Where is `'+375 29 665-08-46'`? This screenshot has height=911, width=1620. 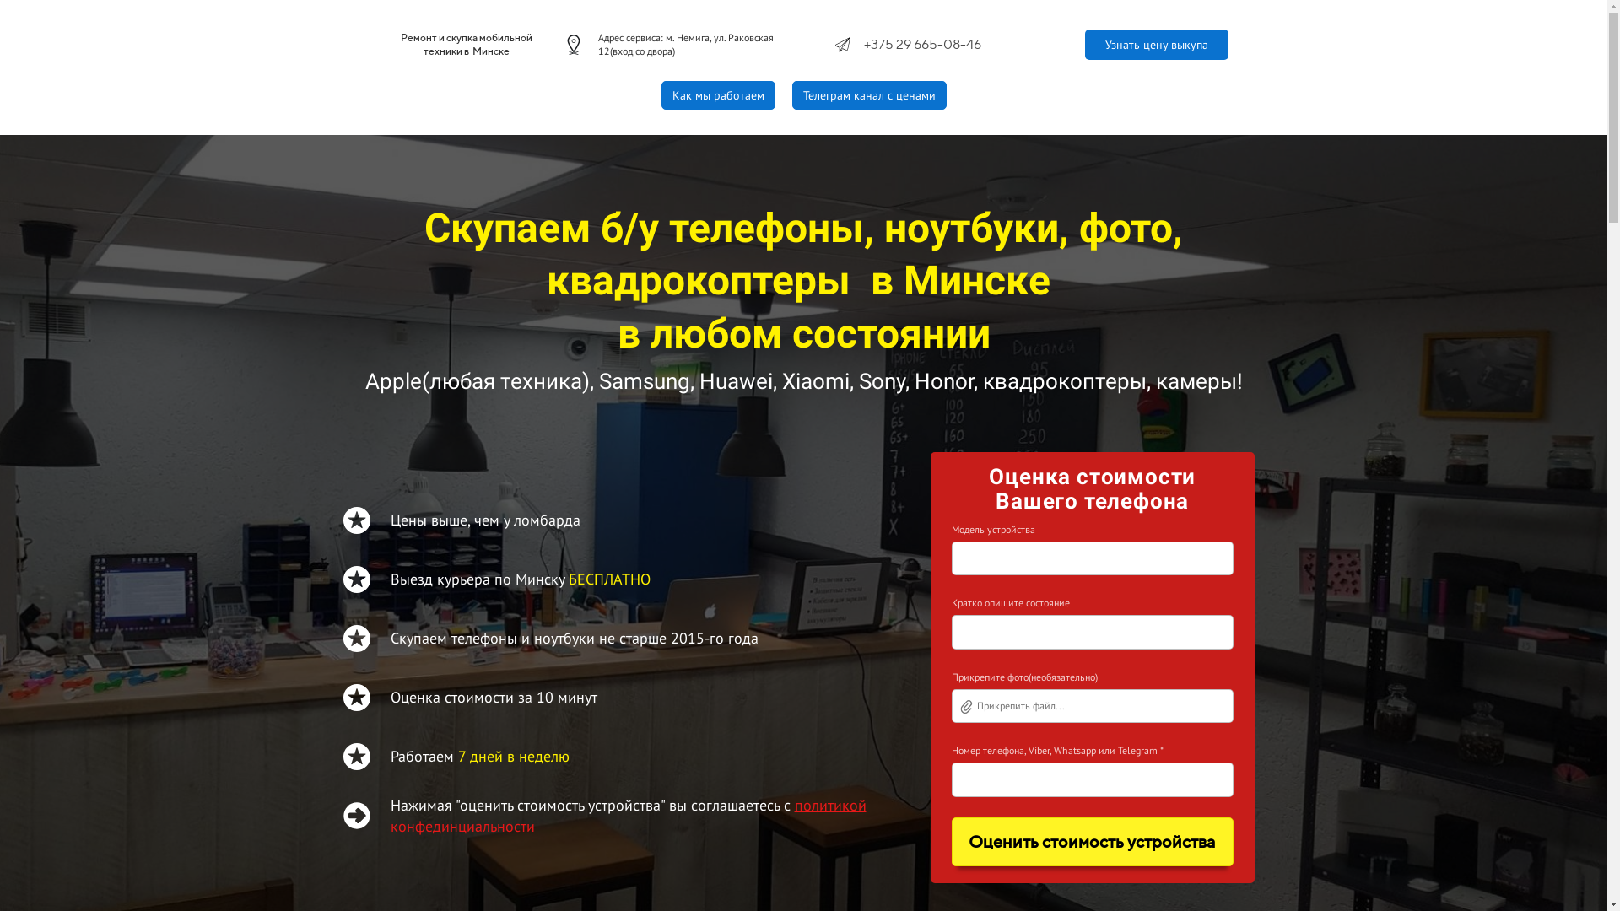
'+375 29 665-08-46' is located at coordinates (921, 43).